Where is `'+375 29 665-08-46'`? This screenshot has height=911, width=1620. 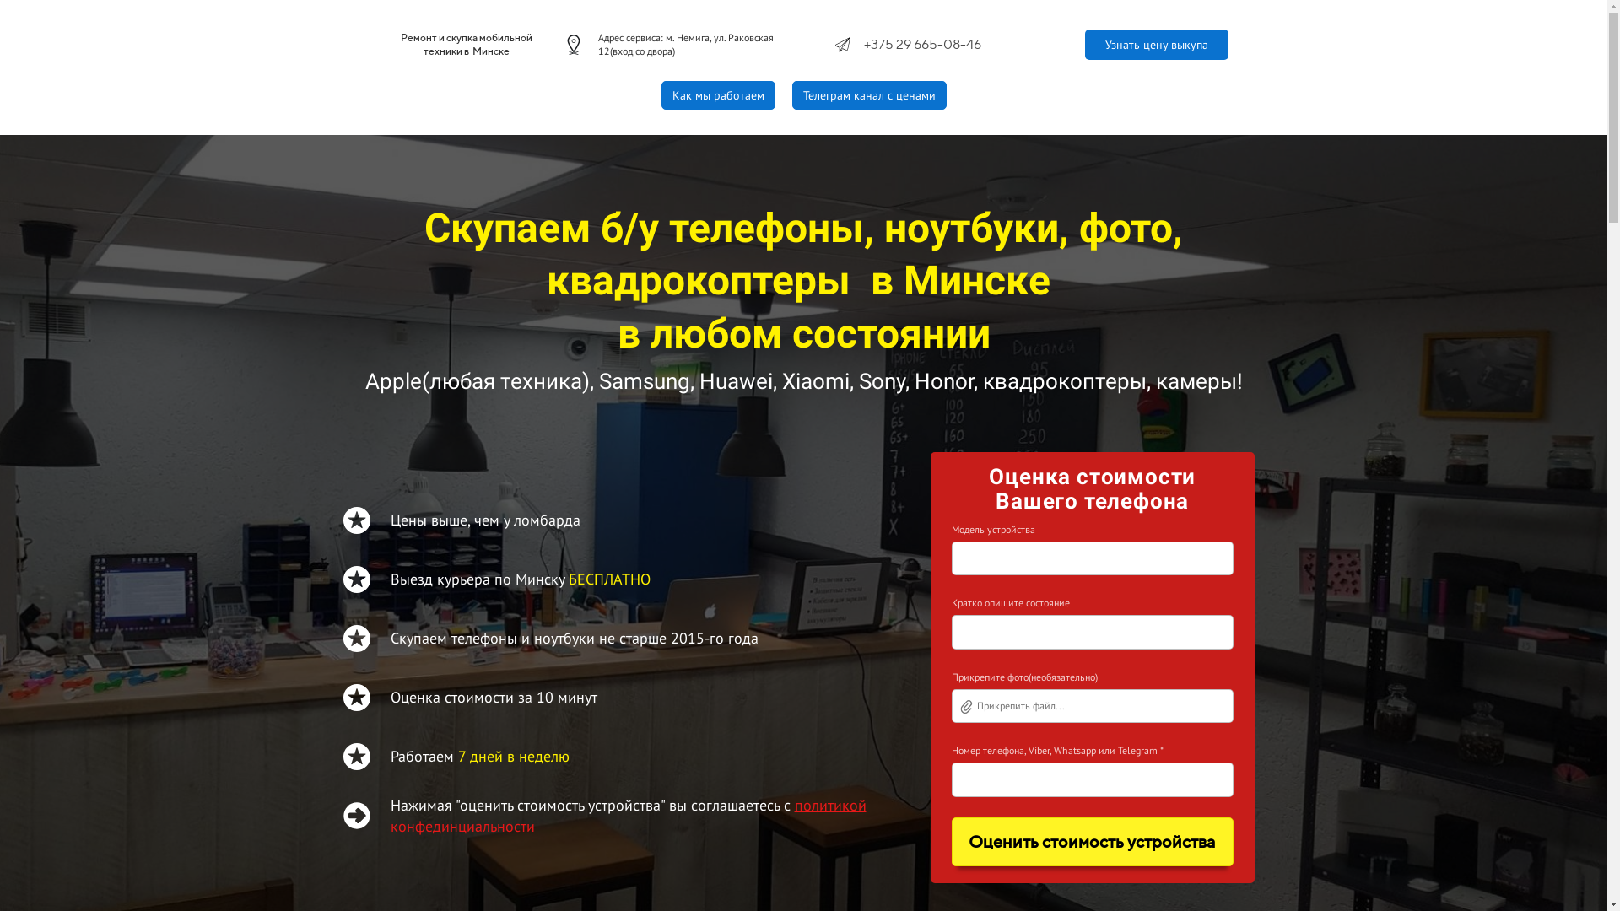
'+375 29 665-08-46' is located at coordinates (921, 43).